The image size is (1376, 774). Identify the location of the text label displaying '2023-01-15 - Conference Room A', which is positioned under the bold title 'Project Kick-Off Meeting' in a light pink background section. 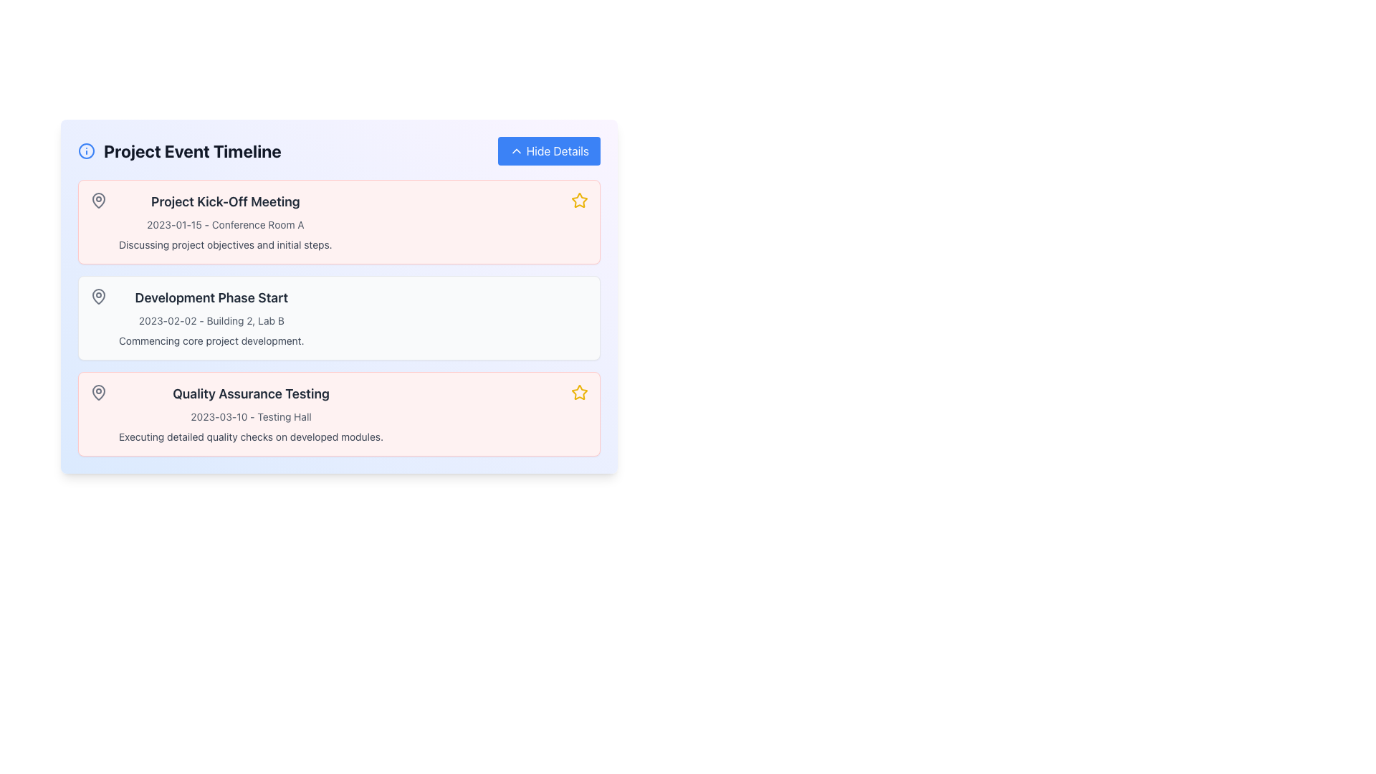
(224, 224).